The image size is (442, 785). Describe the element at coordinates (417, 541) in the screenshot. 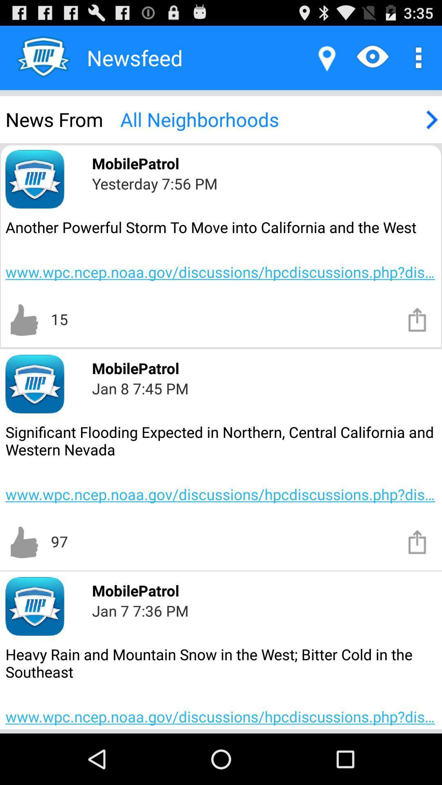

I see `share post` at that location.